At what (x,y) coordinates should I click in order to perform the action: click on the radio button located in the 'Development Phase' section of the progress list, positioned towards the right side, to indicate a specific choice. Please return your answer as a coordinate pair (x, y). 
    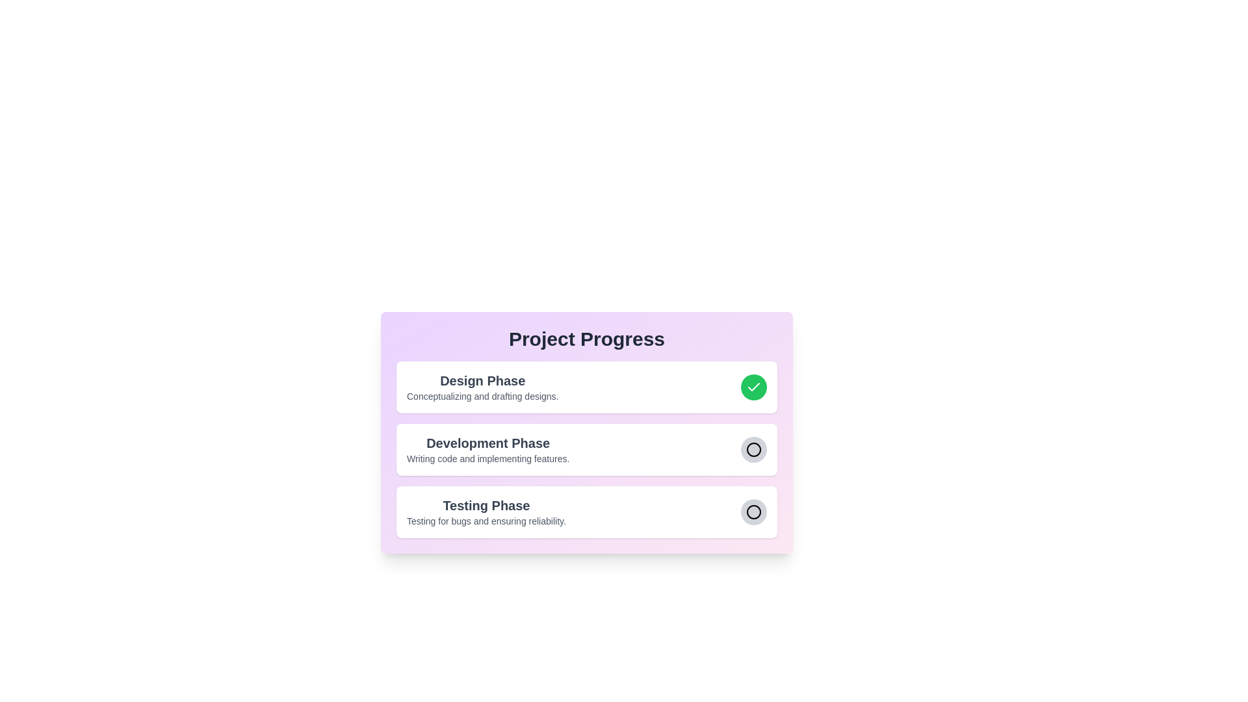
    Looking at the image, I should click on (754, 448).